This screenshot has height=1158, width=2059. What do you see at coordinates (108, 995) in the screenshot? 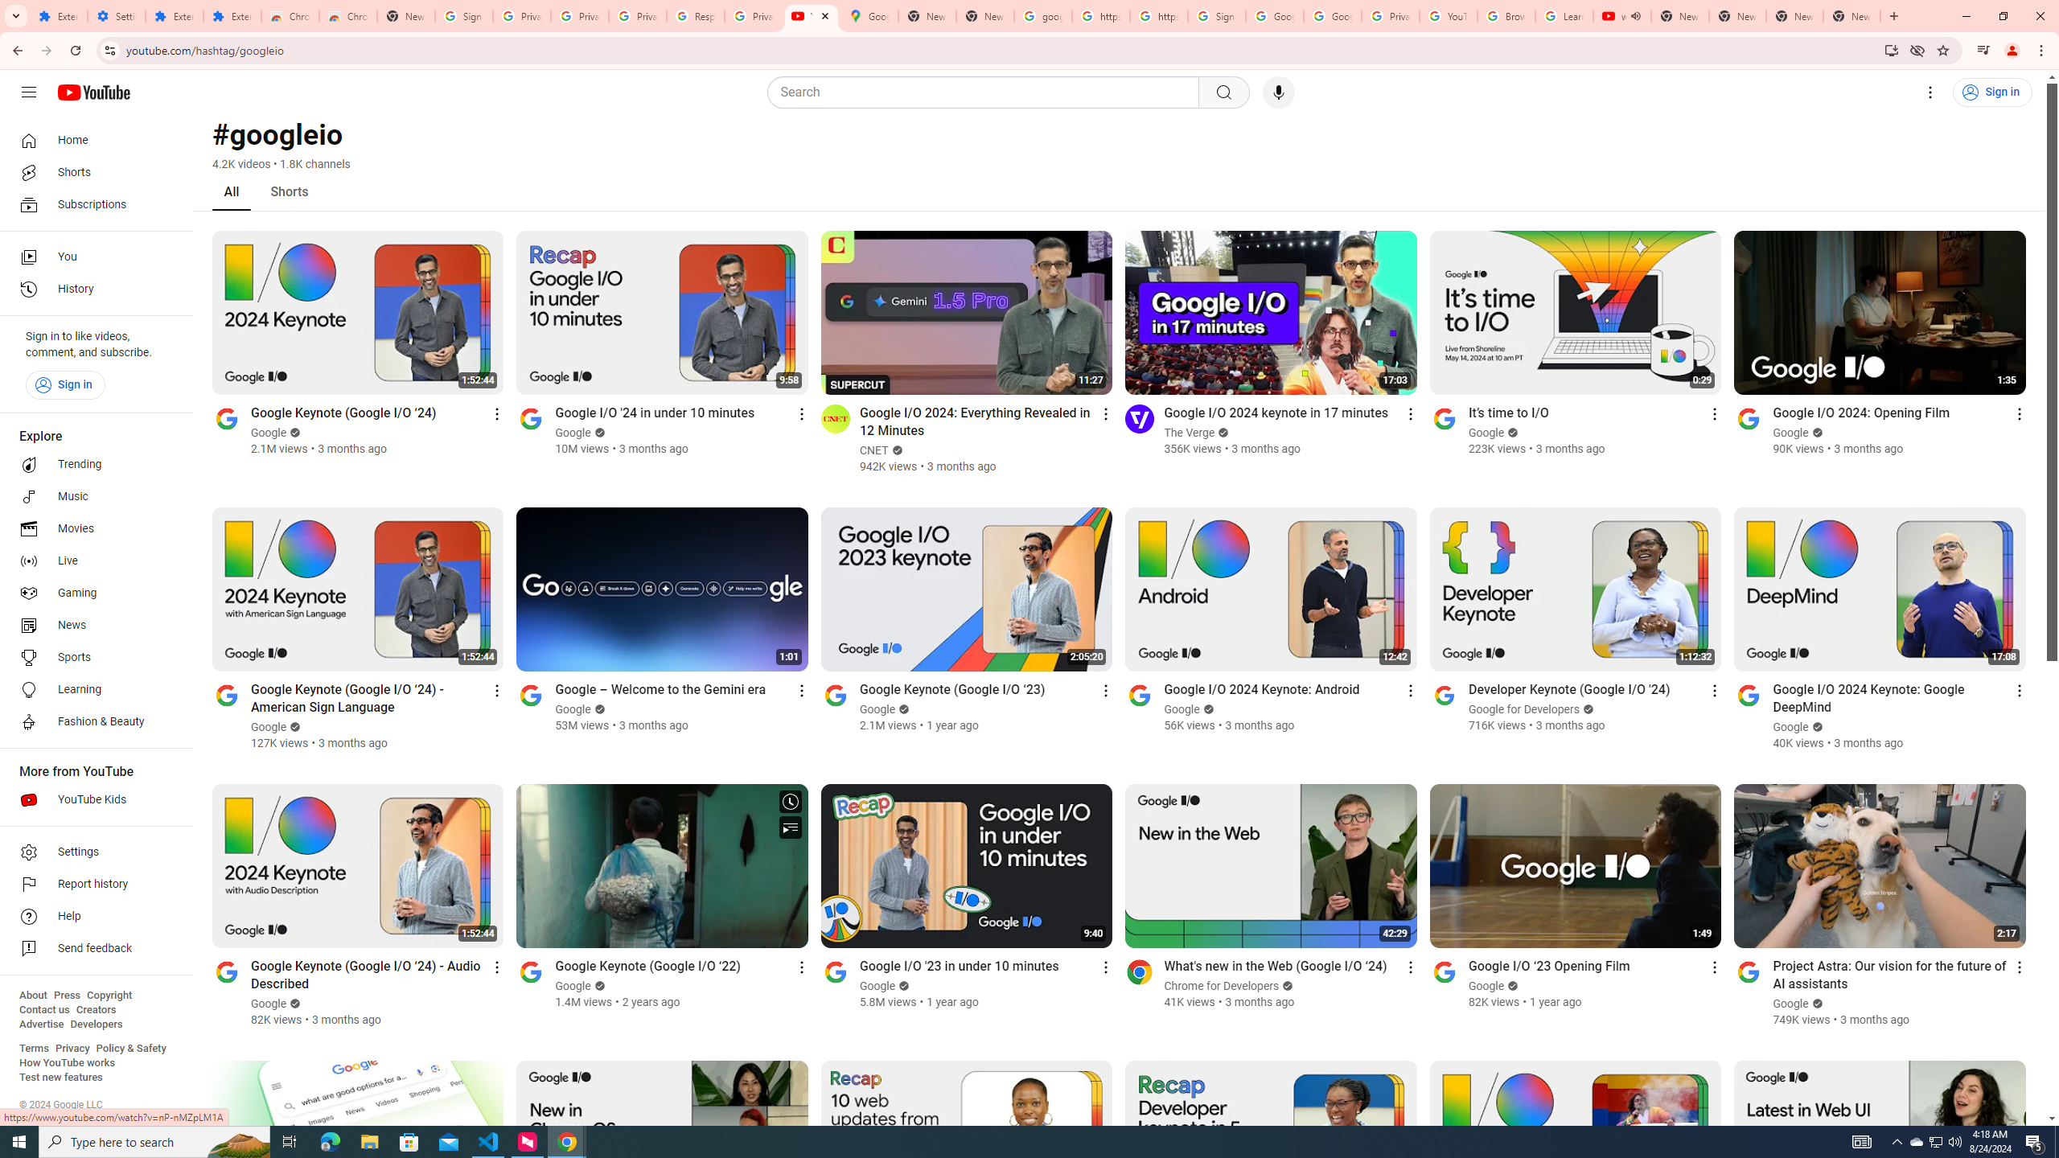
I see `'Copyright'` at bounding box center [108, 995].